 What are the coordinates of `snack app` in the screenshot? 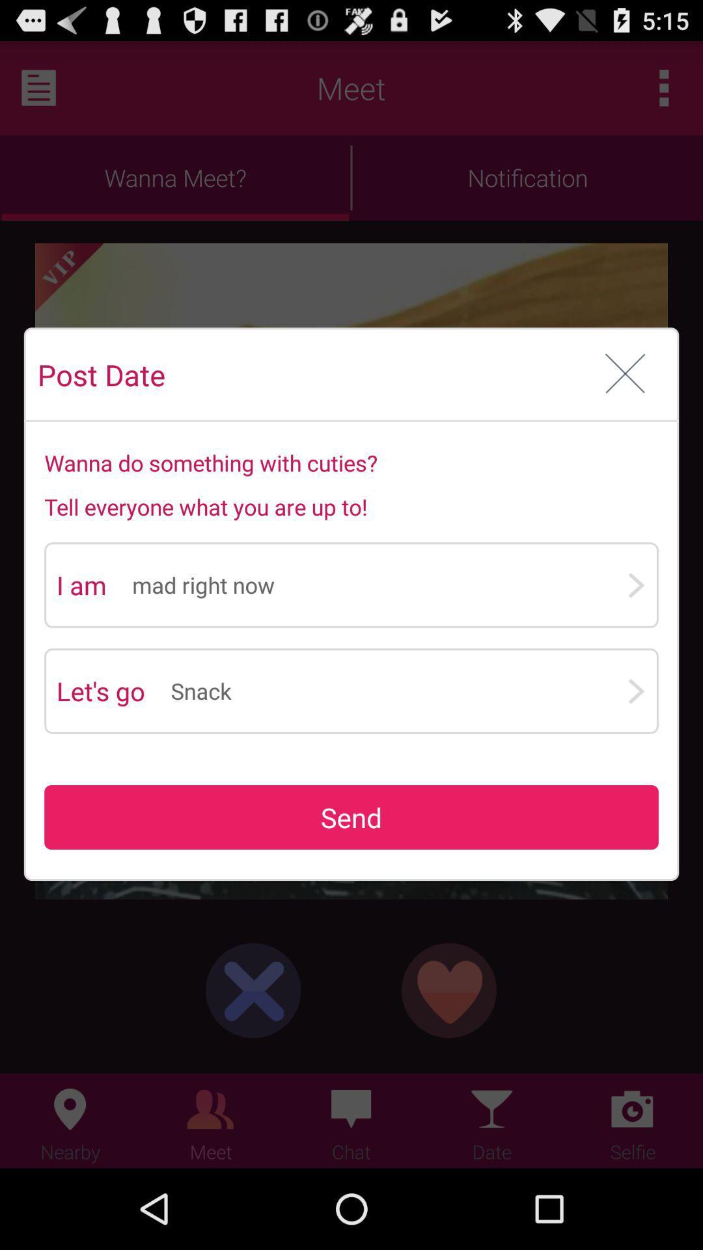 It's located at (398, 690).